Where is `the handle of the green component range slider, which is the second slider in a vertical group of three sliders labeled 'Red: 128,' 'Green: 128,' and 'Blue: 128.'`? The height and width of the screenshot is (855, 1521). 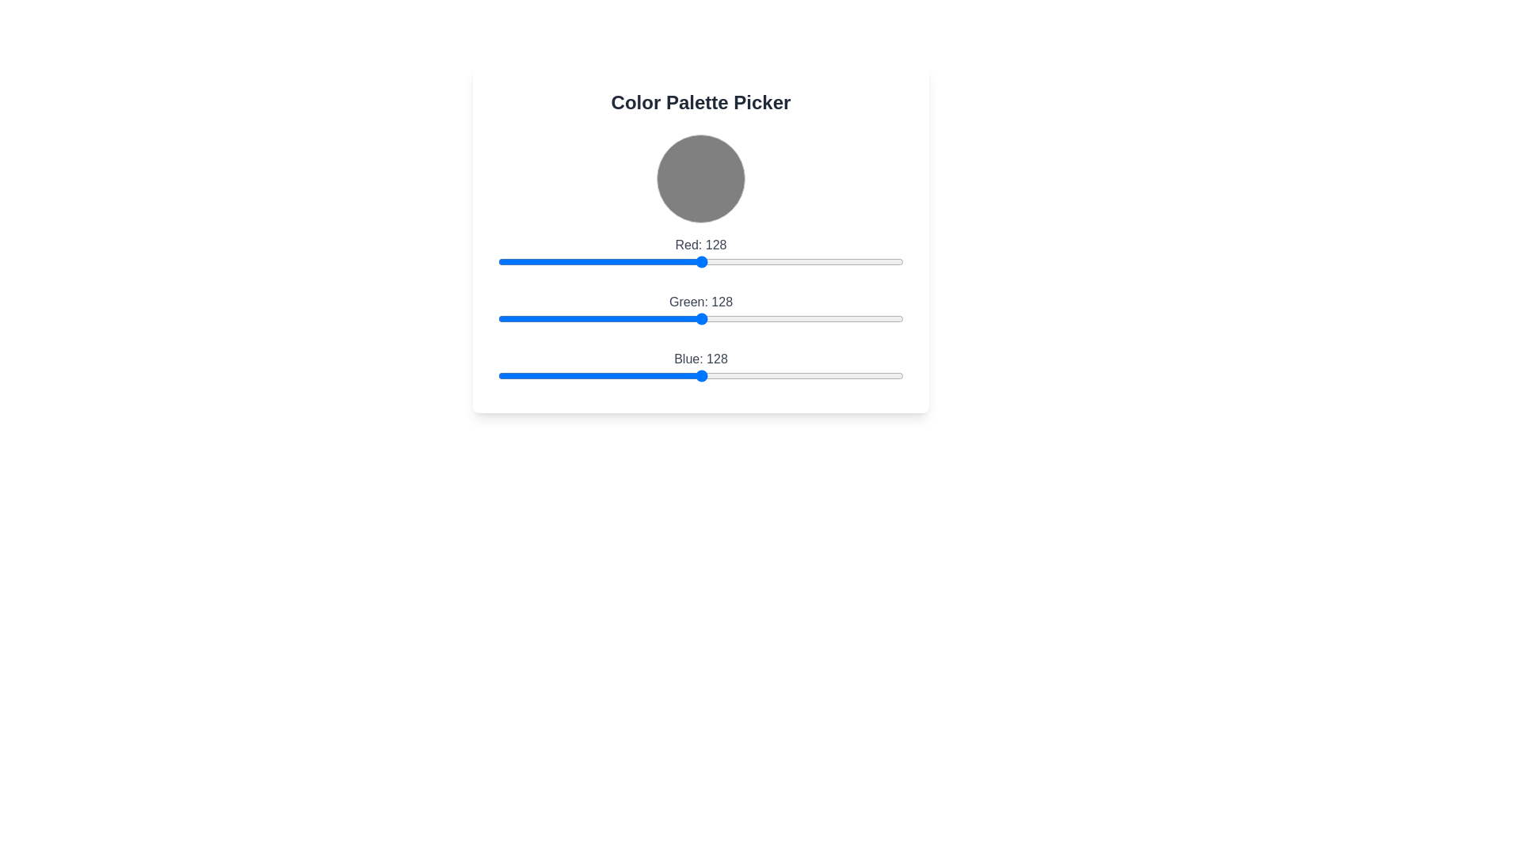 the handle of the green component range slider, which is the second slider in a vertical group of three sliders labeled 'Red: 128,' 'Green: 128,' and 'Blue: 128.' is located at coordinates (700, 311).